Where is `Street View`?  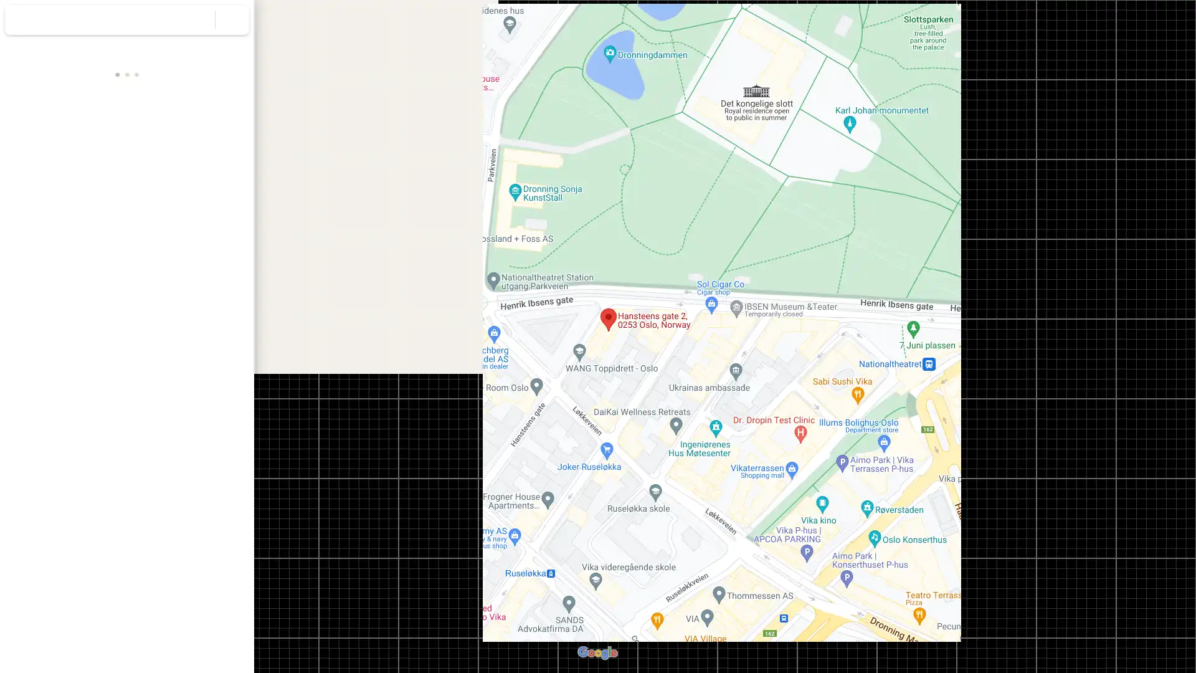
Street View is located at coordinates (127, 443).